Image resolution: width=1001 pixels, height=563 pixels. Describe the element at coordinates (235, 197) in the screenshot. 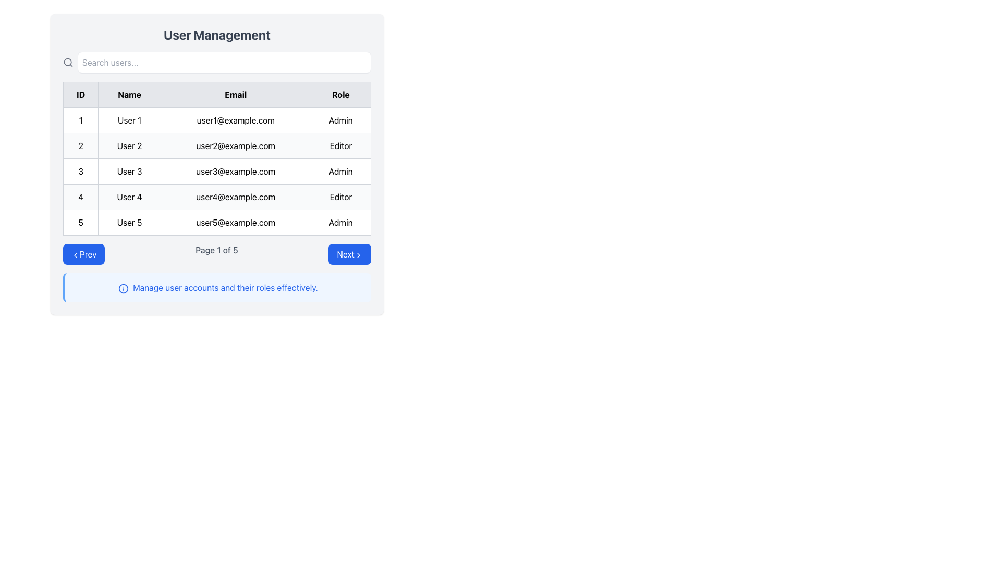

I see `the static text displaying the email address 'user4@example.com' in the 'User Management' table, located in the third column of the fourth row` at that location.